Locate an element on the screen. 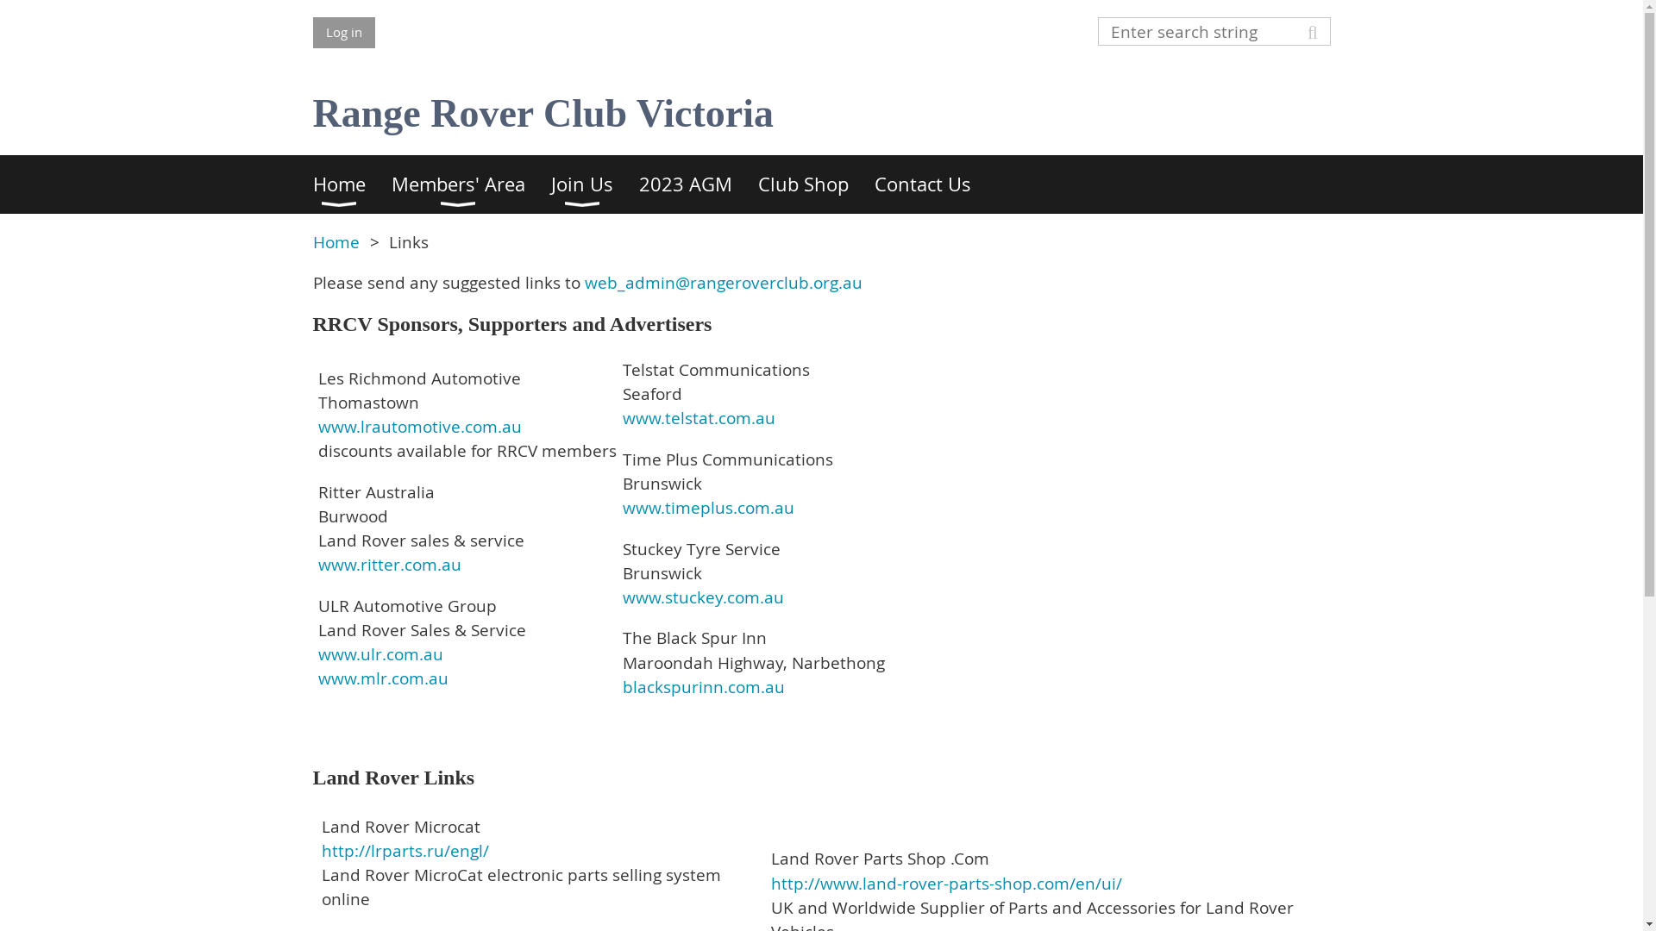 The image size is (1656, 931). 'Contact Us' is located at coordinates (934, 184).